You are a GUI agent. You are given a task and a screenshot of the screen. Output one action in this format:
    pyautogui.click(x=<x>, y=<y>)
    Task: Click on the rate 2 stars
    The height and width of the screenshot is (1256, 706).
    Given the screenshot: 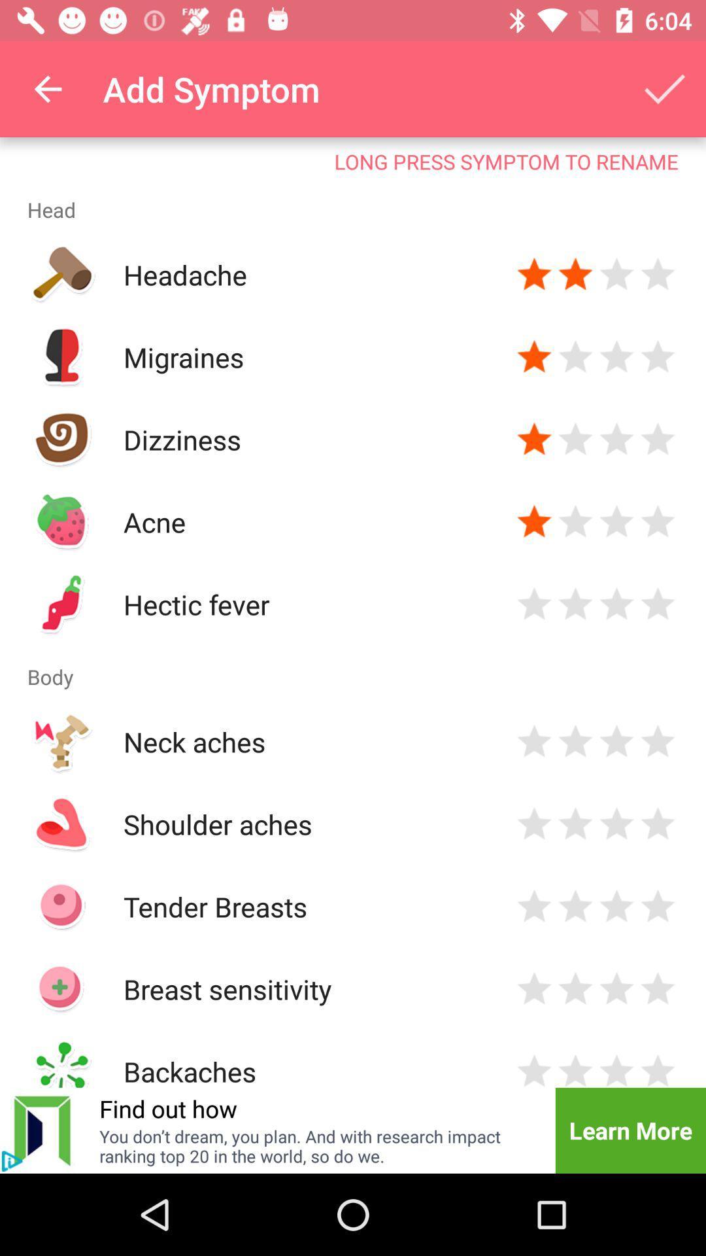 What is the action you would take?
    pyautogui.click(x=575, y=1069)
    